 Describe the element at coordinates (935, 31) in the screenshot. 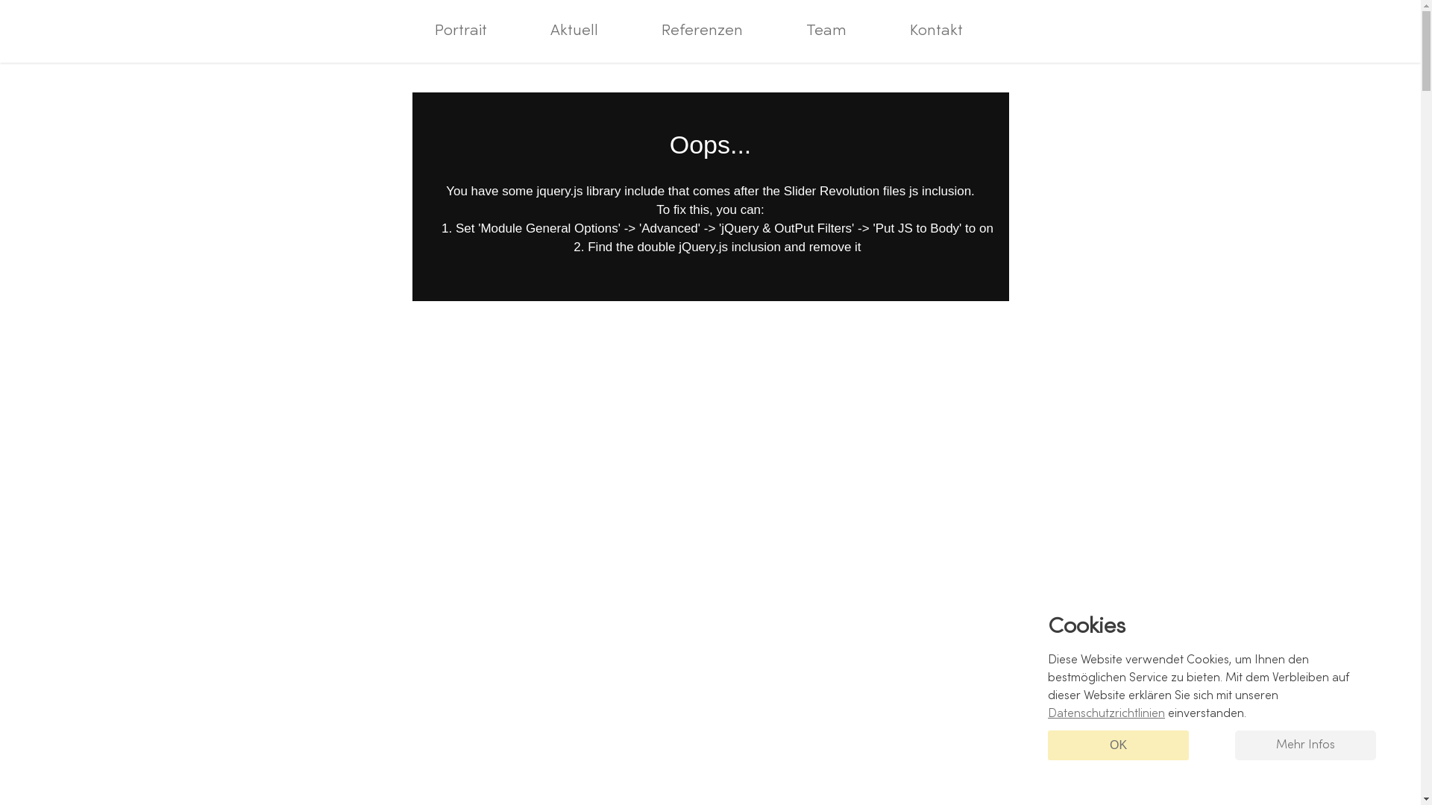

I see `'Kontakt'` at that location.